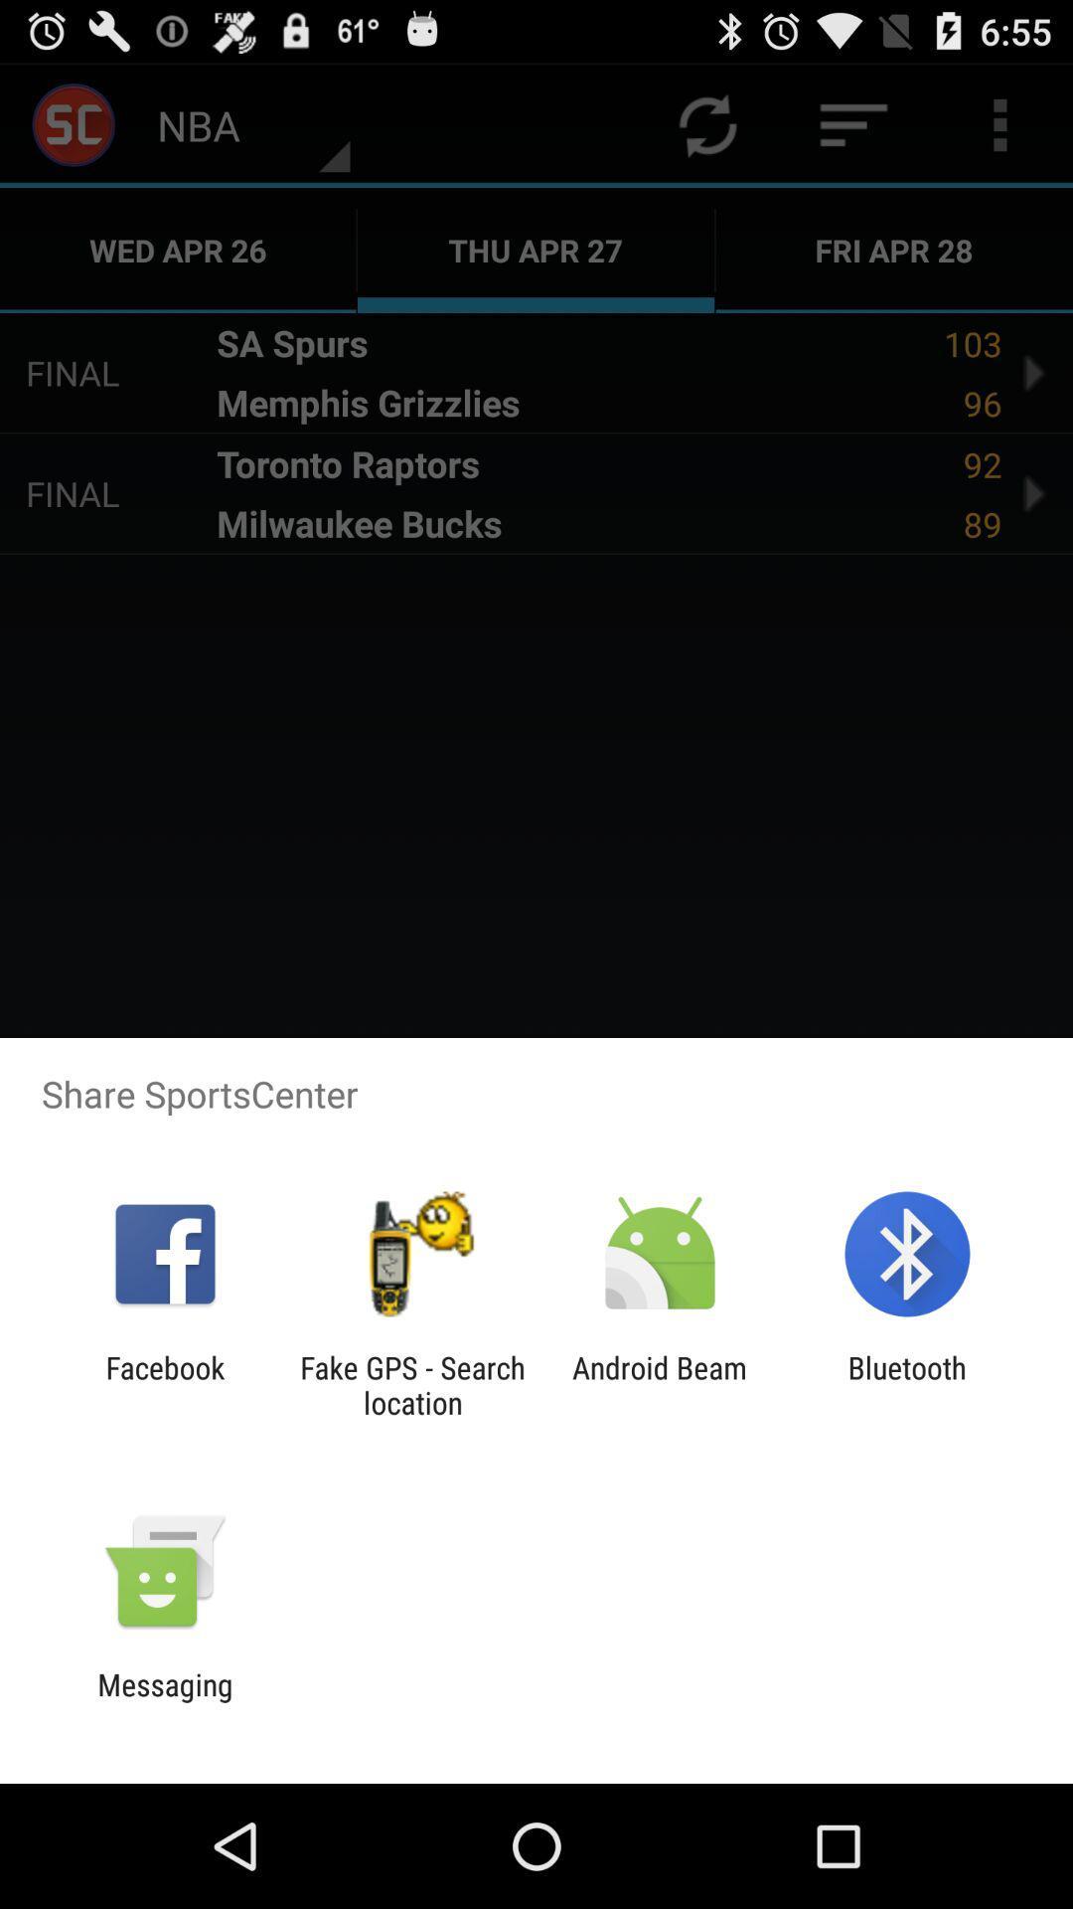 Image resolution: width=1073 pixels, height=1909 pixels. What do you see at coordinates (660, 1384) in the screenshot?
I see `app to the left of the bluetooth` at bounding box center [660, 1384].